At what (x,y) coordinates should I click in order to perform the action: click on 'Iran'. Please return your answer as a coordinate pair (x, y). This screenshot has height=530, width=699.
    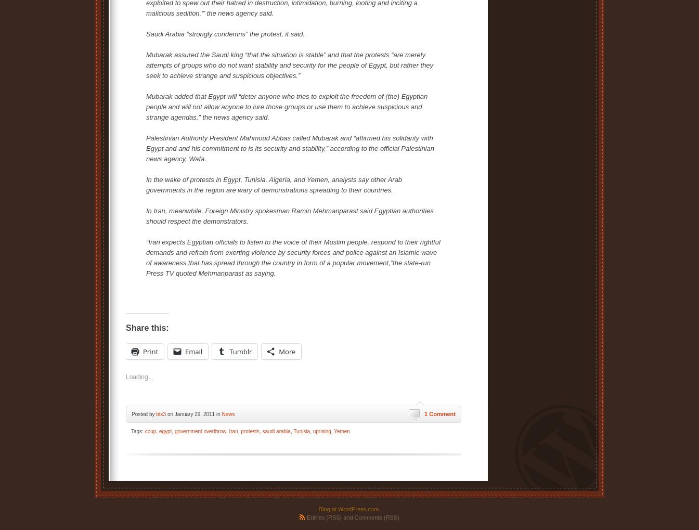
    Looking at the image, I should click on (233, 431).